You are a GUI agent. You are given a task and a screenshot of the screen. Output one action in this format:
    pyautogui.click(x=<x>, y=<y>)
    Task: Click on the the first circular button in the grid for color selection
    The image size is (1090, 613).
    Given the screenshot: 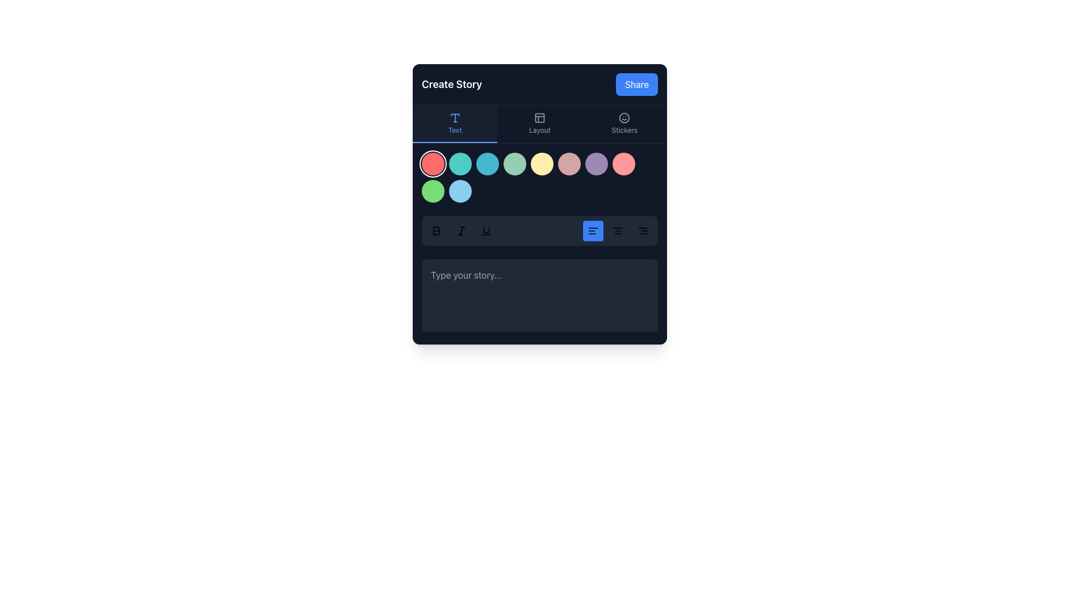 What is the action you would take?
    pyautogui.click(x=433, y=164)
    